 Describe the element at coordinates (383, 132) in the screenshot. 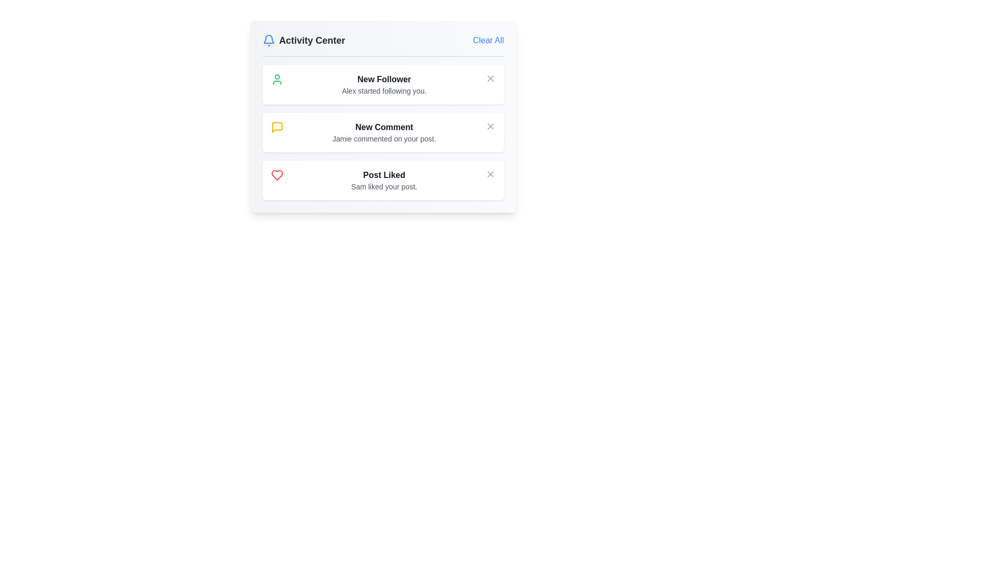

I see `informational text block containing the title 'New Comment' and description 'Jamie commented on your post.'` at that location.